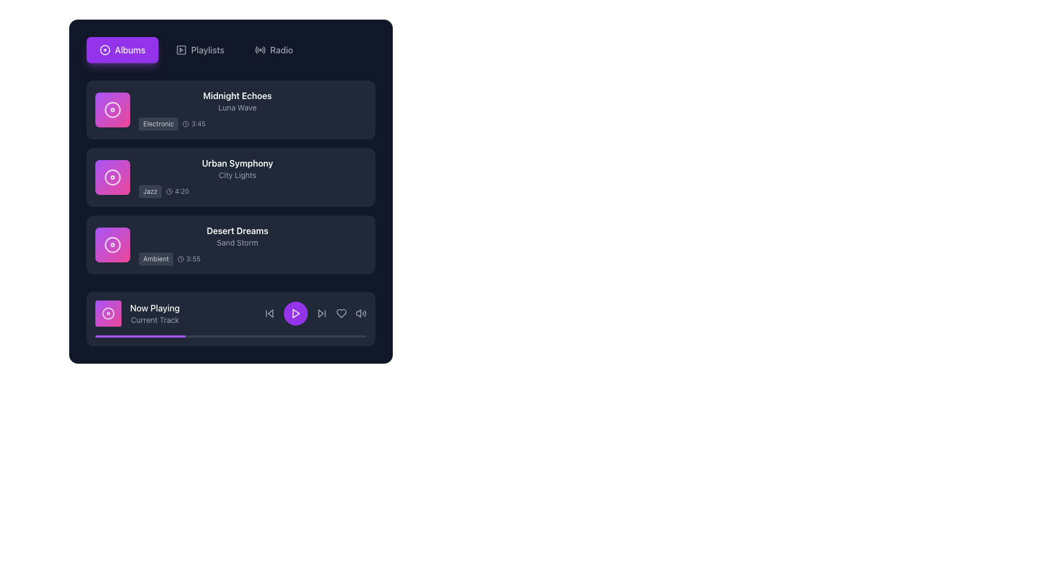 The height and width of the screenshot is (588, 1046). Describe the element at coordinates (230, 245) in the screenshot. I see `to select the third track summary in the vertical list, which displays information about the track including its title, genre, and duration` at that location.